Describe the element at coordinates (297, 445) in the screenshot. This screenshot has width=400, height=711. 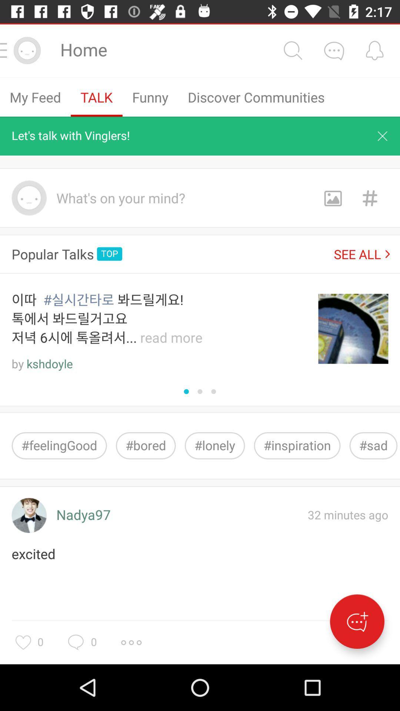
I see `item to the right of the #lonely item` at that location.